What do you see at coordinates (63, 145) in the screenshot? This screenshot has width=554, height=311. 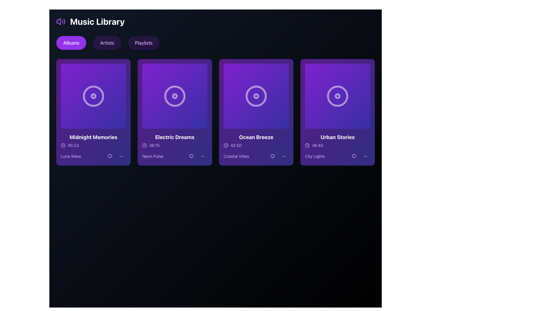 I see `the circular graphic icon that serves as a time or duration indicator, located centrally within the leftmost card of the four cards under the 'Albums' section` at bounding box center [63, 145].